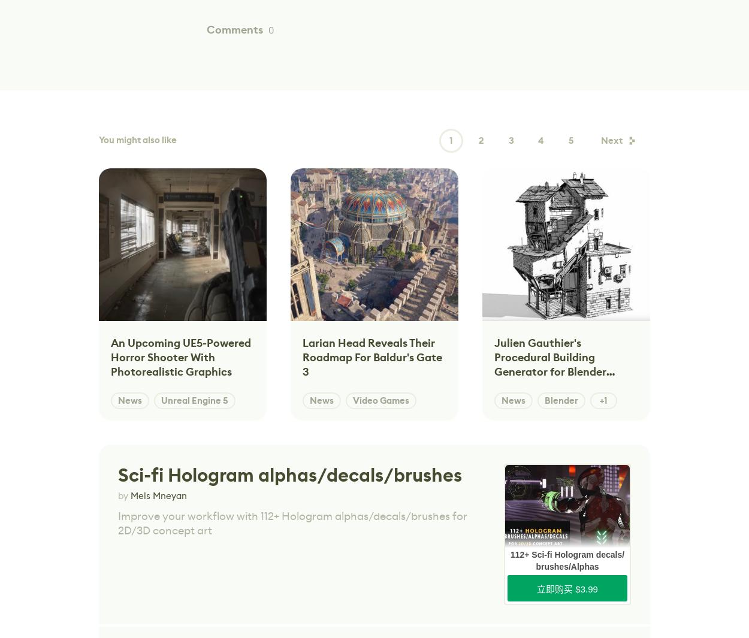 Image resolution: width=749 pixels, height=638 pixels. Describe the element at coordinates (130, 495) in the screenshot. I see `'Mels Mneyan'` at that location.